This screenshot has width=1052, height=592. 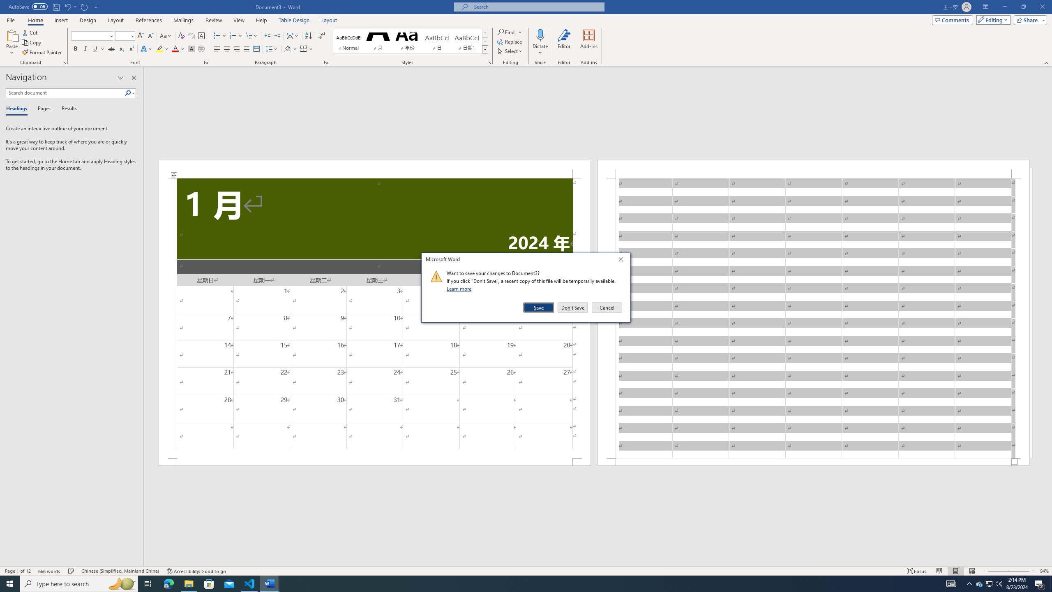 I want to click on 'System', so click(x=5, y=4).